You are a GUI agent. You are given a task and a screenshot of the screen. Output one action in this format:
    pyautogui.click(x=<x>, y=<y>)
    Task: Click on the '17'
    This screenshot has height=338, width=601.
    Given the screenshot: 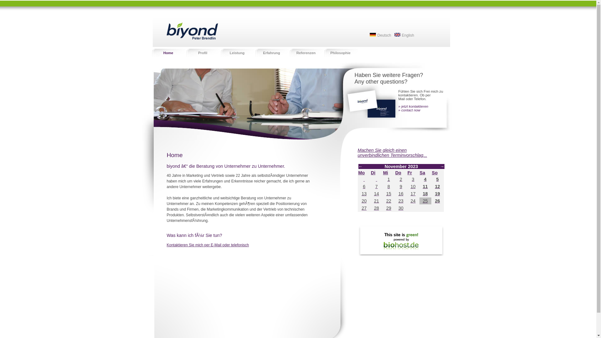 What is the action you would take?
    pyautogui.click(x=410, y=193)
    